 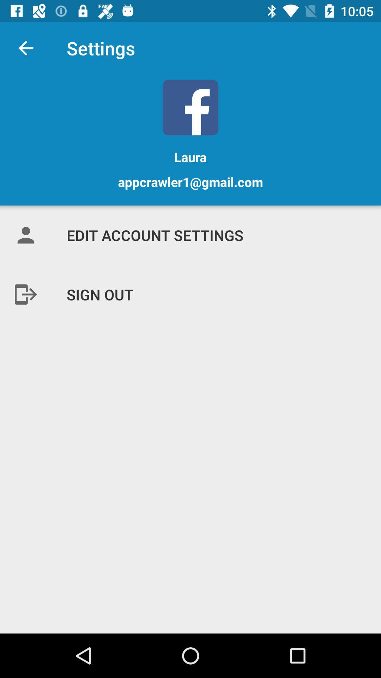 I want to click on item next to the settings, so click(x=25, y=48).